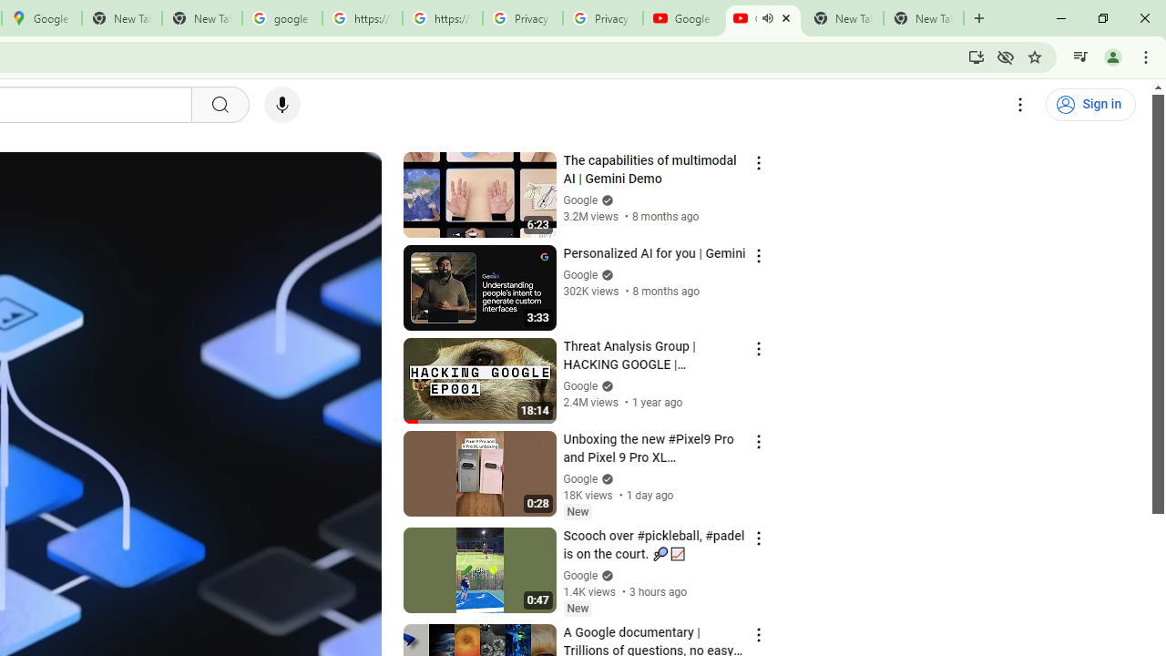 The image size is (1166, 656). What do you see at coordinates (442, 18) in the screenshot?
I see `'https://scholar.google.com/'` at bounding box center [442, 18].